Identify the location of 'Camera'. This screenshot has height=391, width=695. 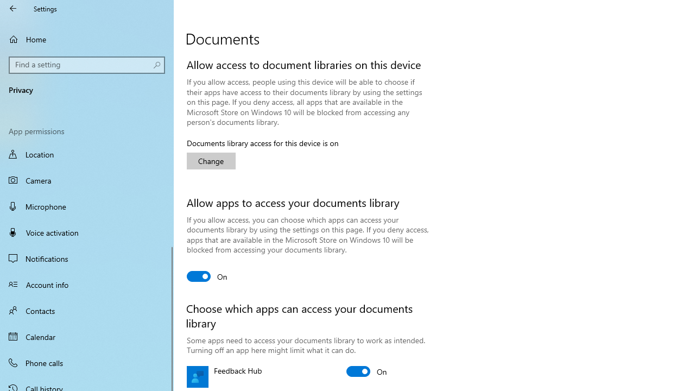
(87, 179).